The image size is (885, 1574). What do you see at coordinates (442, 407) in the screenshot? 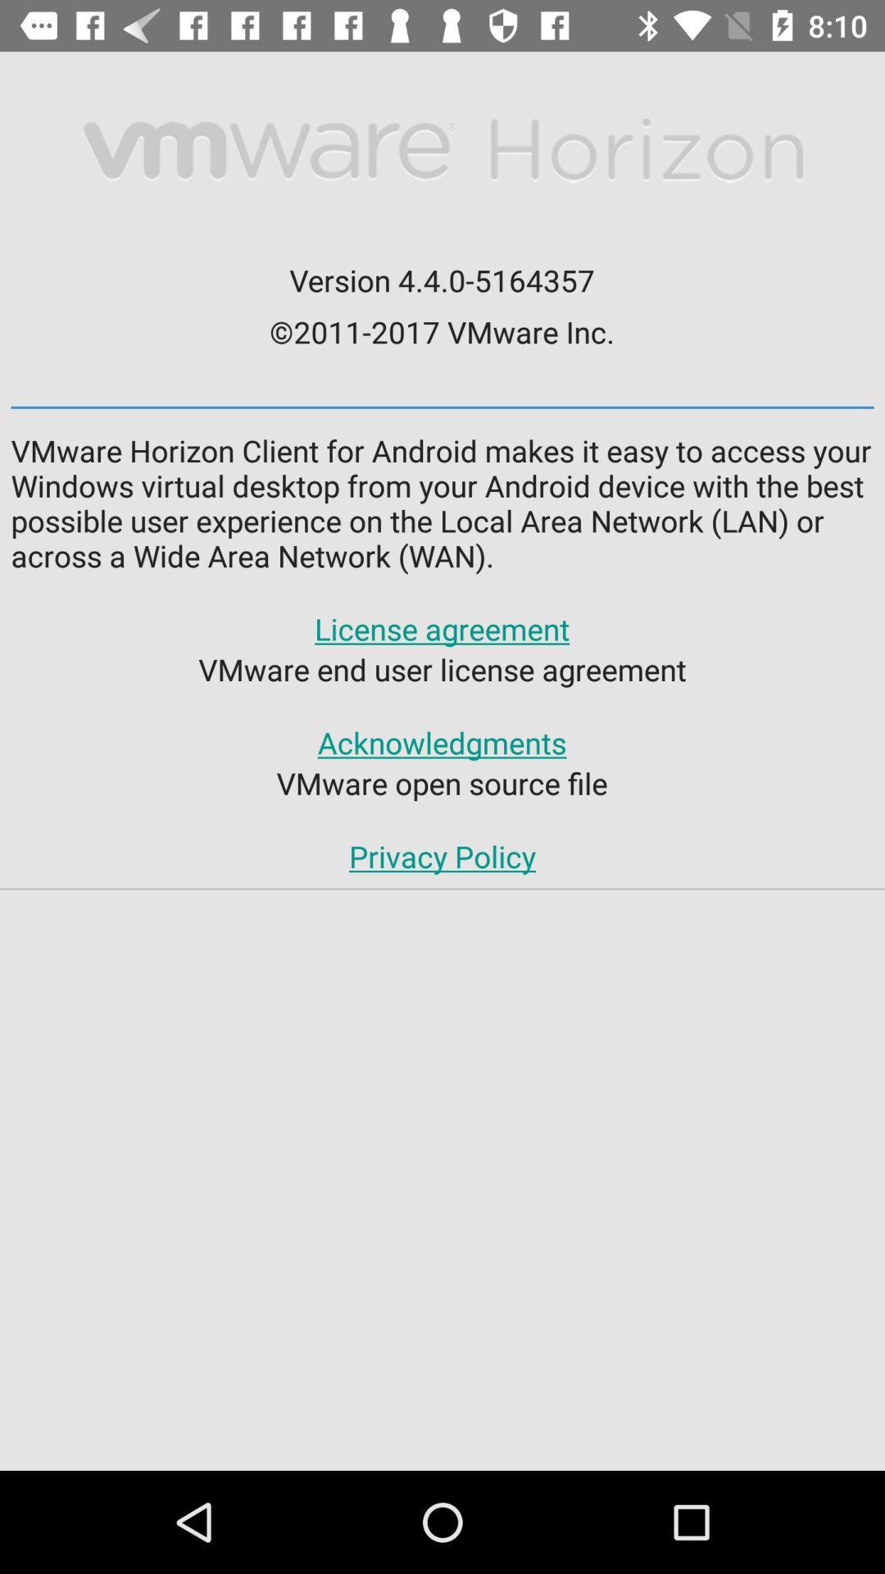
I see `icon below the 2011 2017 vmware app` at bounding box center [442, 407].